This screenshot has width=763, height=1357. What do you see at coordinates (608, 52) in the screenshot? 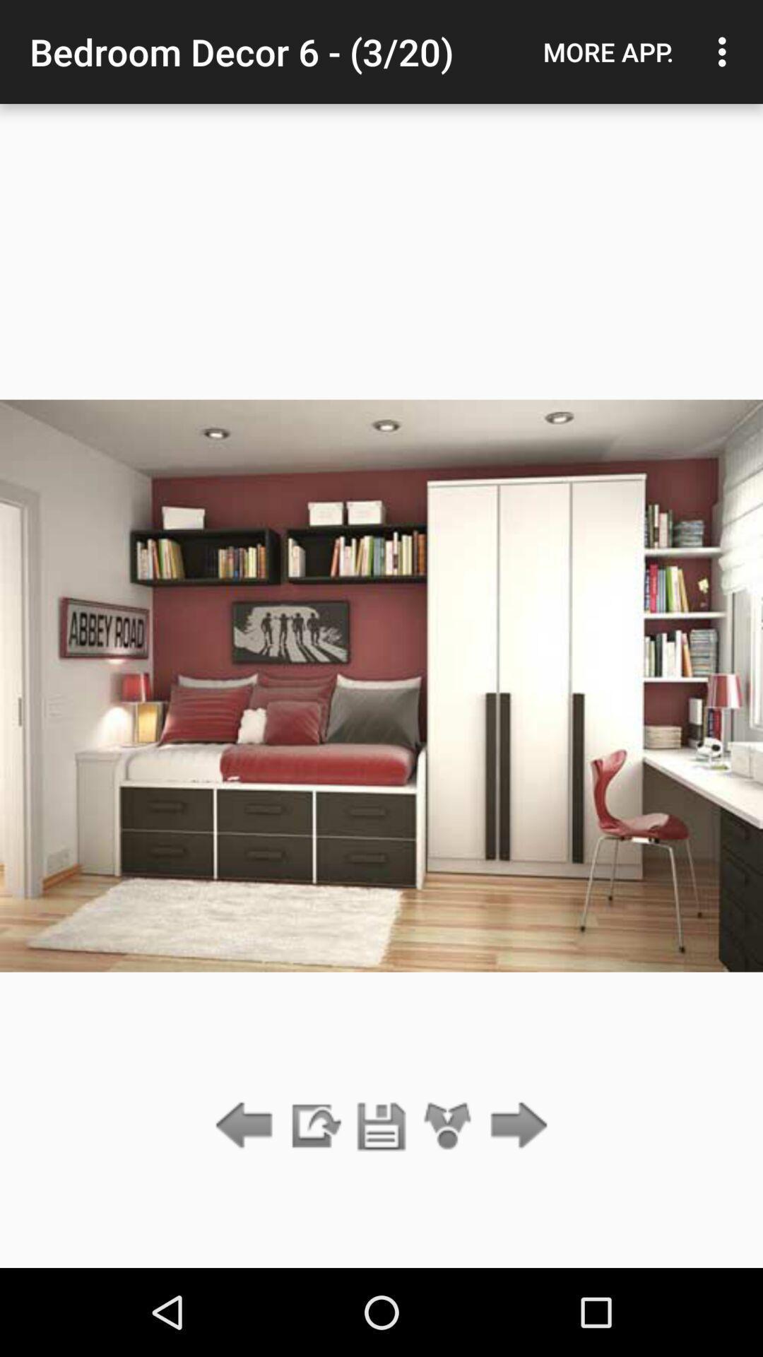
I see `the icon next to bedroom decor 6 app` at bounding box center [608, 52].